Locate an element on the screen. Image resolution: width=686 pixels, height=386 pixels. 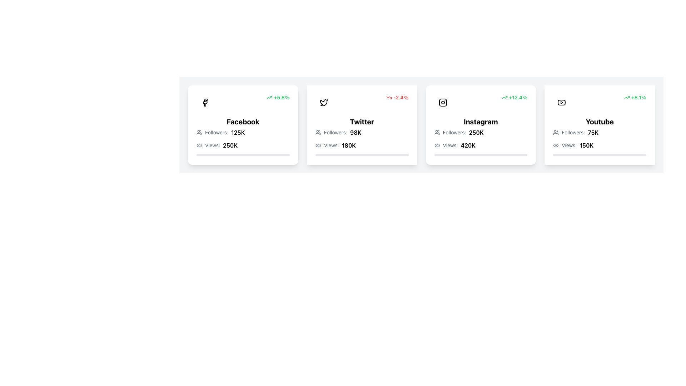
text label that displays 'Facebook', which is bold and large, centrally aligned within the Facebook social media card is located at coordinates (243, 121).